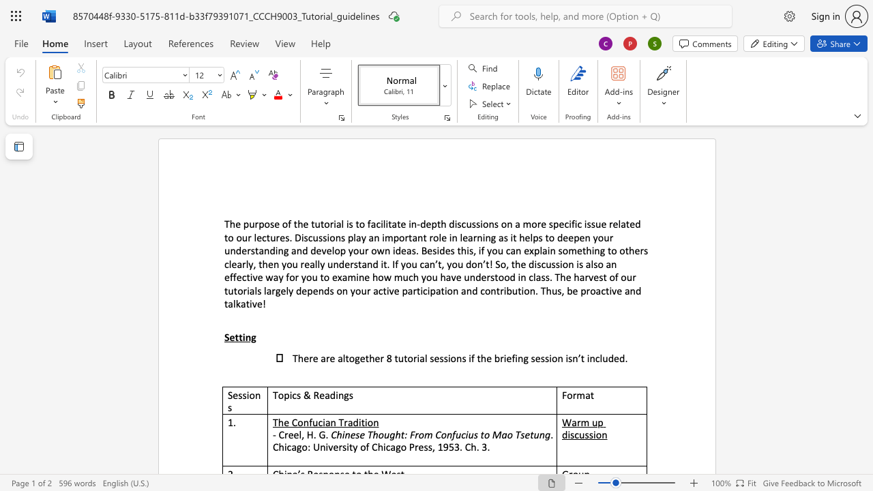  I want to click on the space between the continuous character "u" and "c" in the text, so click(317, 421).